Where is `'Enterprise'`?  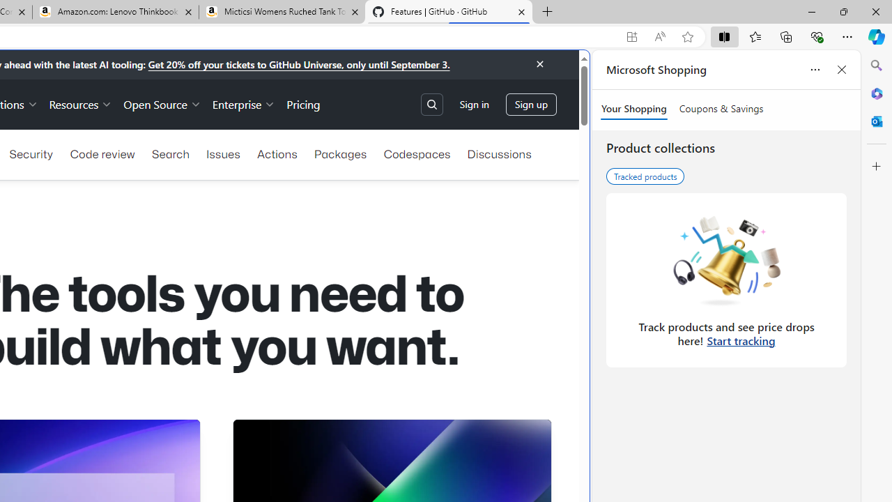 'Enterprise' is located at coordinates (244, 103).